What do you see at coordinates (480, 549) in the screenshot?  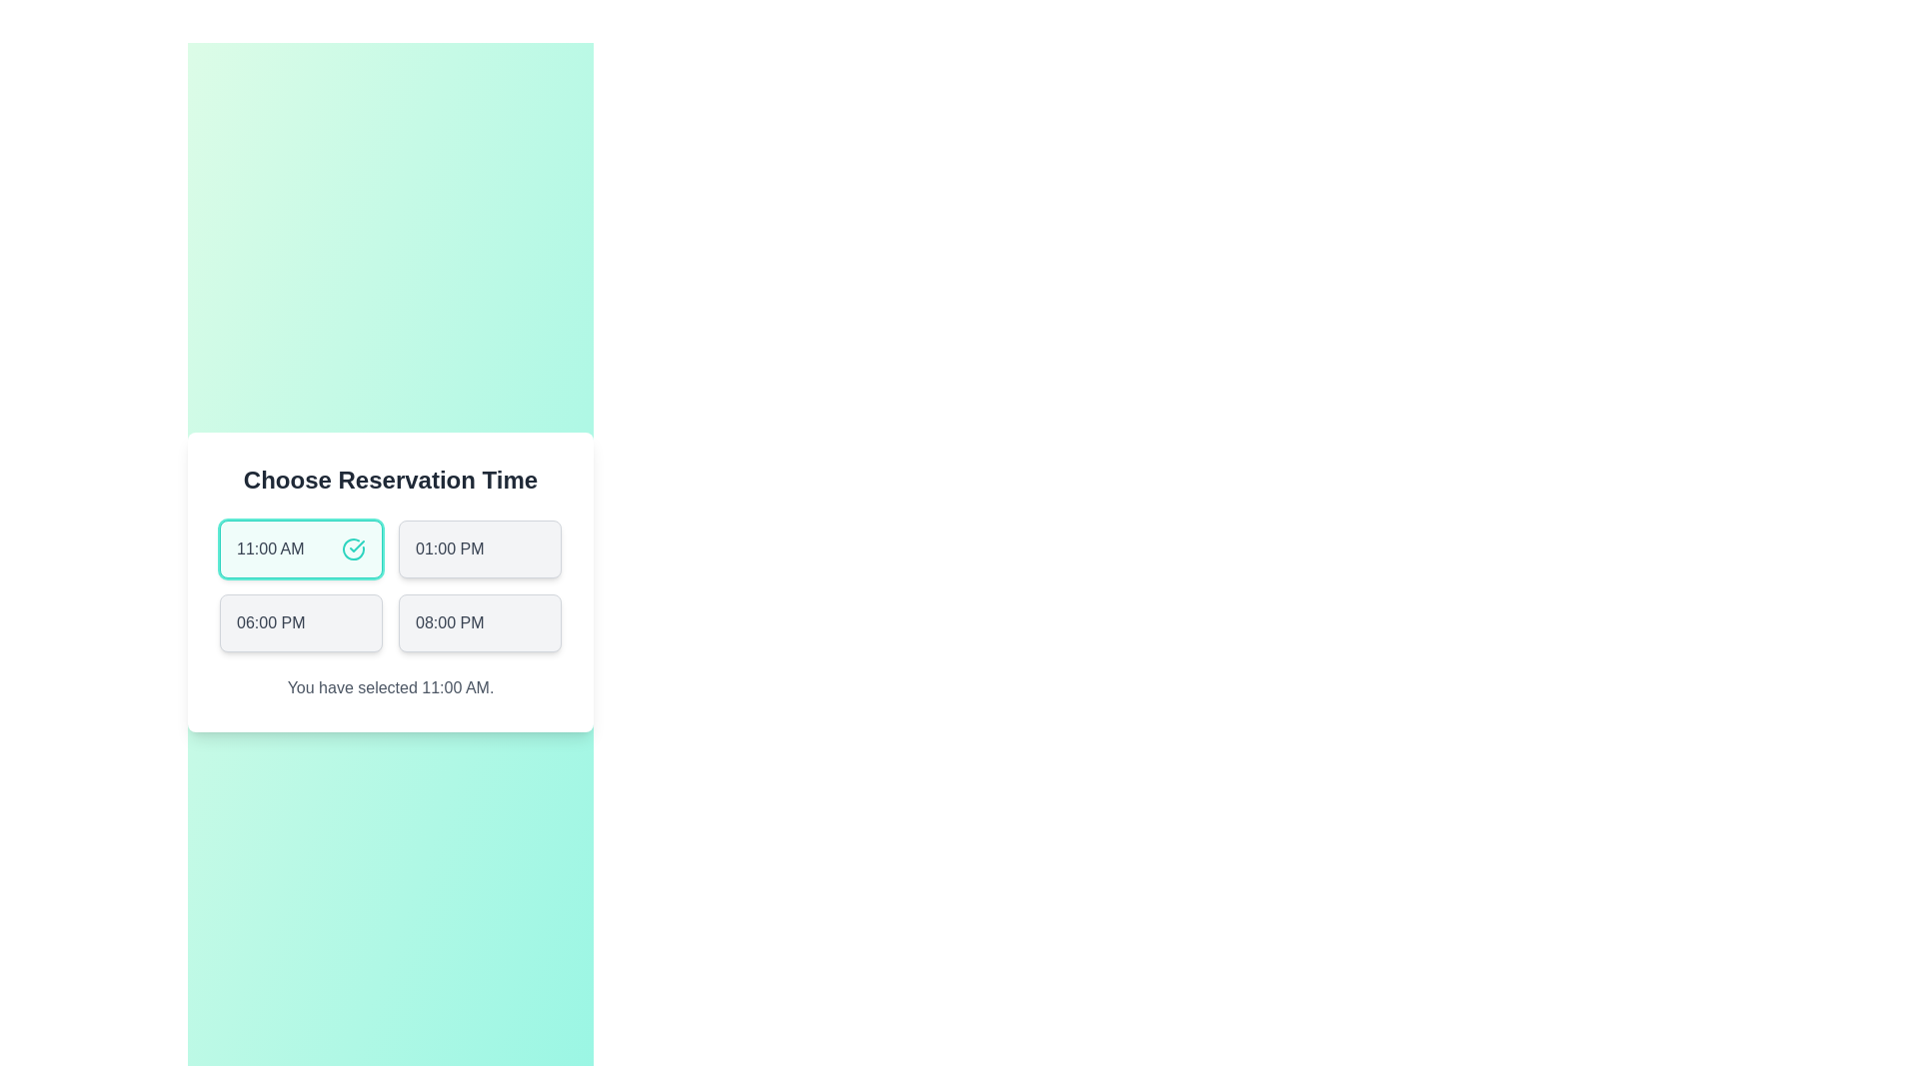 I see `the button labeled '01:00 PM', which is a rounded rectangular box in the top-right position of the time slots grid` at bounding box center [480, 549].